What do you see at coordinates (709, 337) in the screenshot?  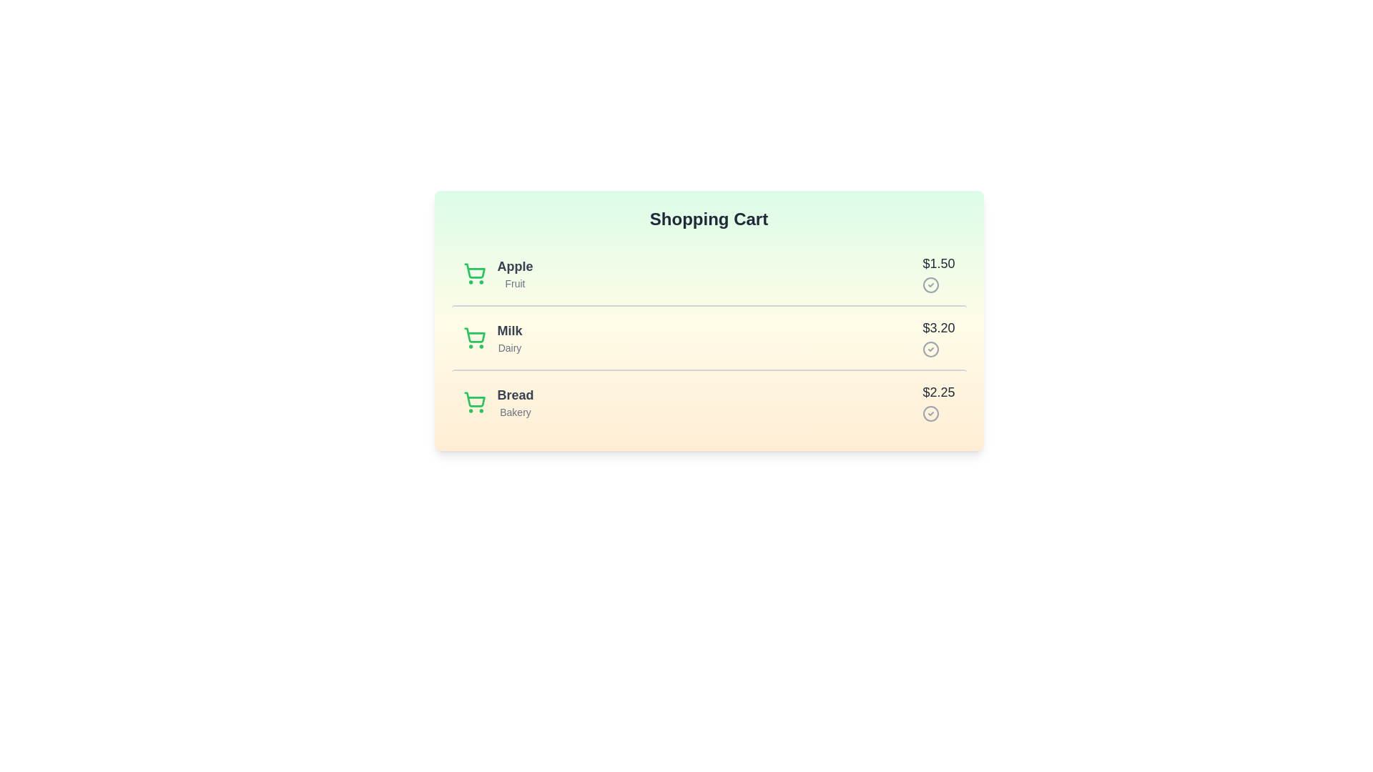 I see `the item Milk to trigger visual feedback` at bounding box center [709, 337].